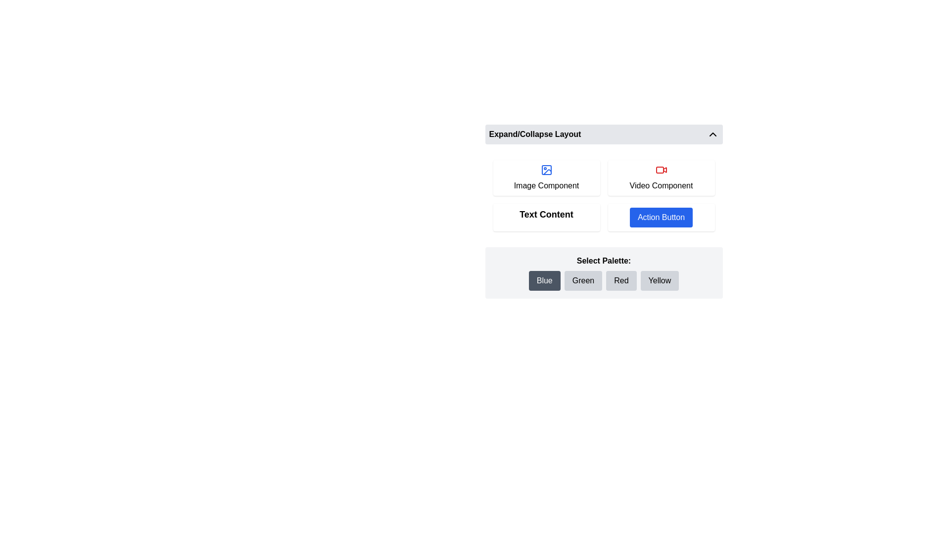 The width and height of the screenshot is (950, 534). I want to click on the color selection button in the Color Selection Interface, so click(603, 272).